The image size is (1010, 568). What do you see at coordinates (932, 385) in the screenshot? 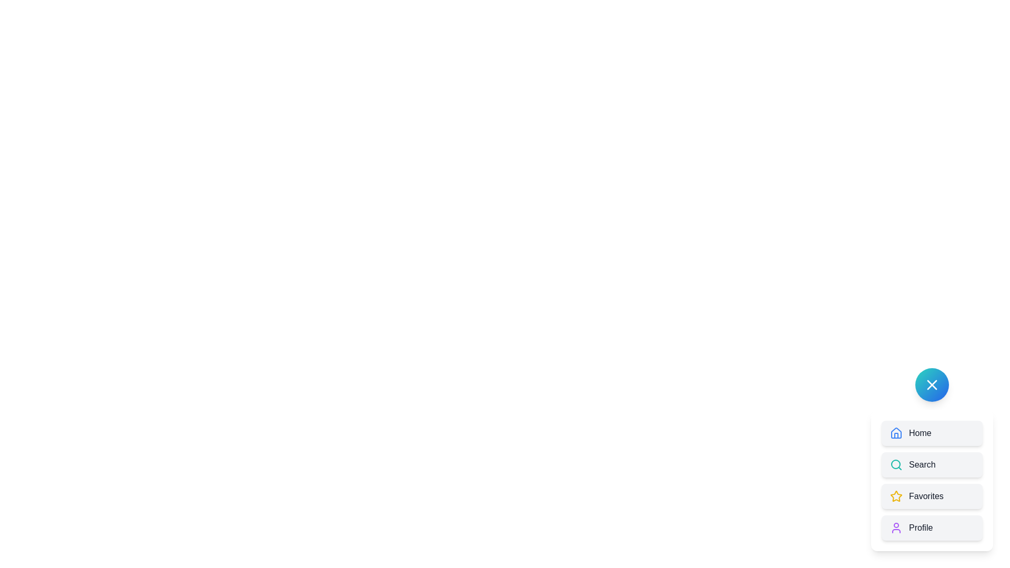
I see `the 'X' icon button styled in white with rounded edges, located within a circular gradient background` at bounding box center [932, 385].